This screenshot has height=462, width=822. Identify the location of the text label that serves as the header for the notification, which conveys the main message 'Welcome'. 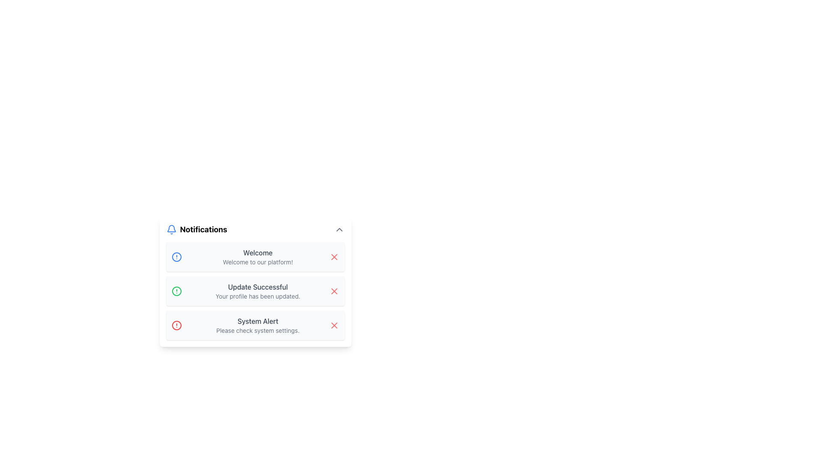
(257, 252).